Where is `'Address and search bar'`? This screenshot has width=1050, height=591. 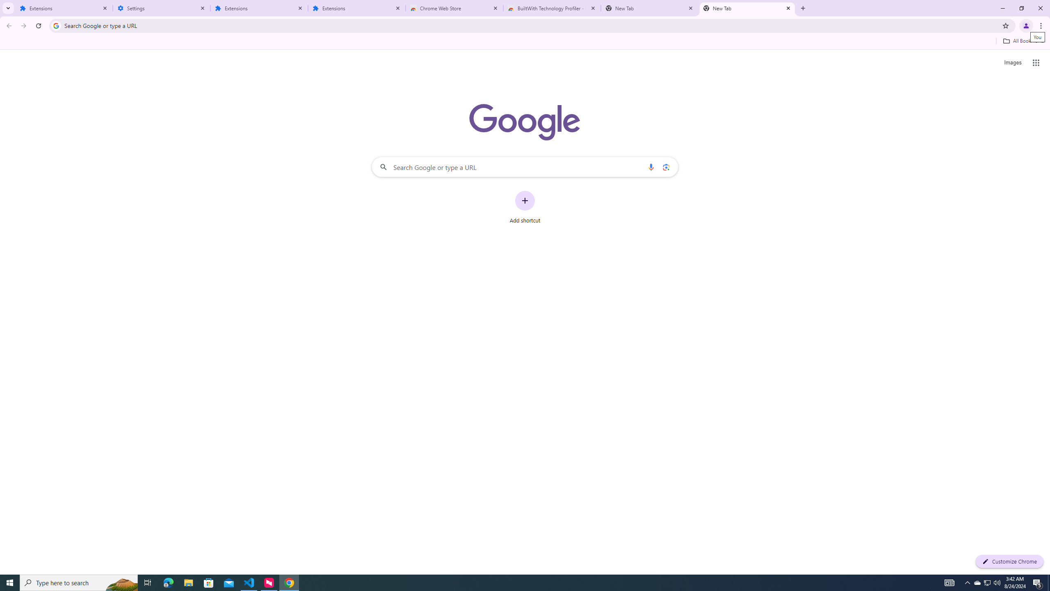
'Address and search bar' is located at coordinates (530, 25).